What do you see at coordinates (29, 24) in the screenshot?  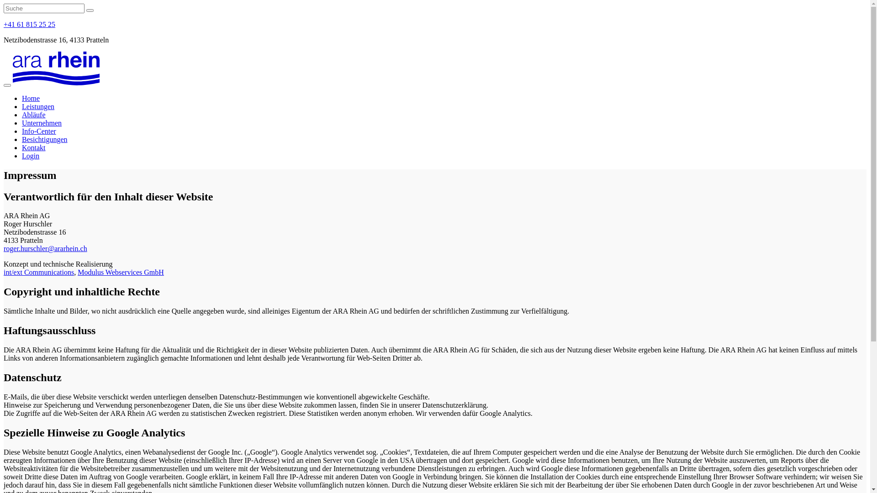 I see `'+41 61 815 25 25'` at bounding box center [29, 24].